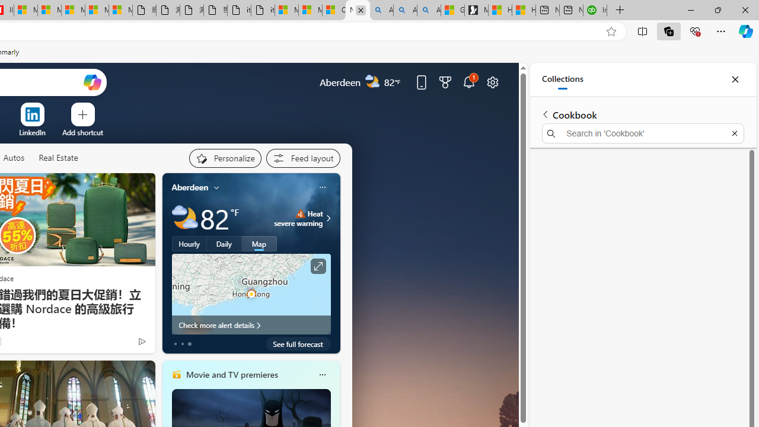  I want to click on 'Feed settings', so click(302, 158).